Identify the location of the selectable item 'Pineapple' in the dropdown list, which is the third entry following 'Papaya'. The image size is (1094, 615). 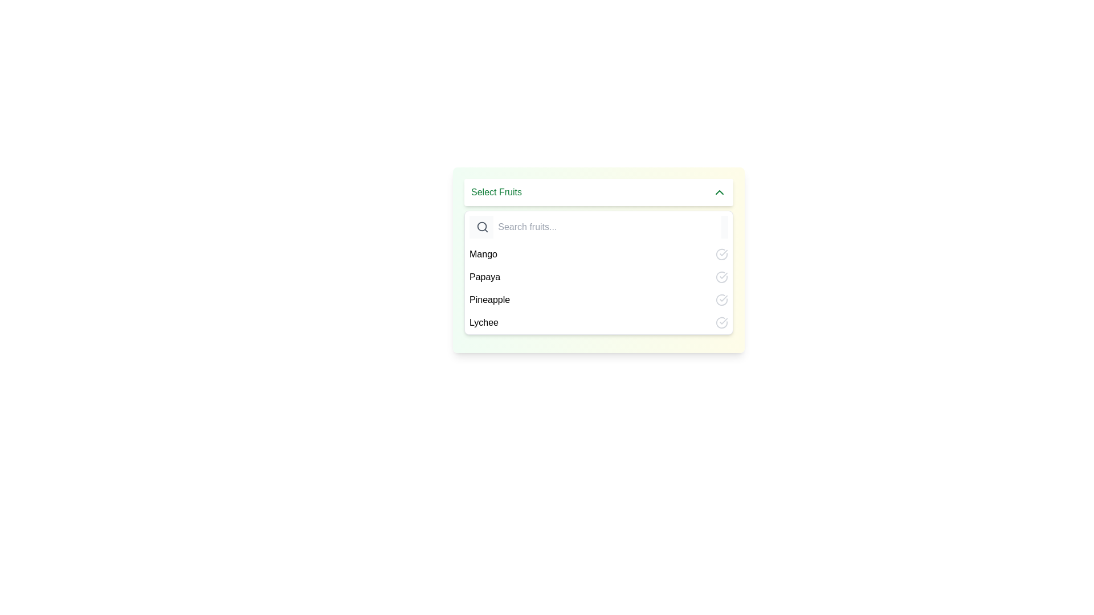
(598, 288).